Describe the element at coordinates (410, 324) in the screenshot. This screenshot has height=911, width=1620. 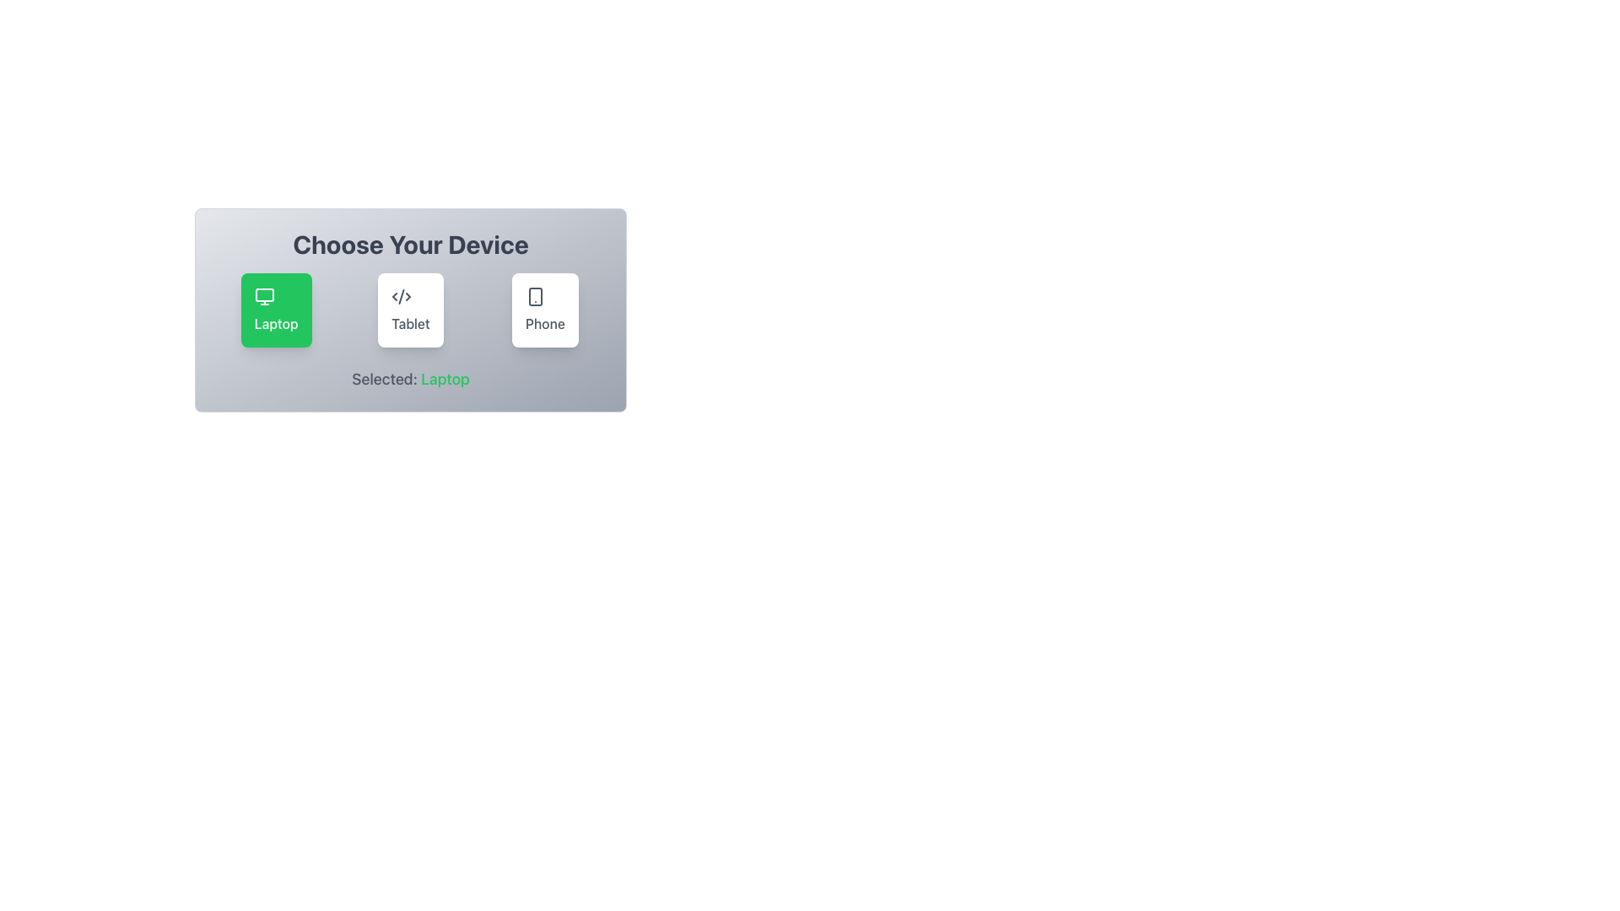
I see `the text label for the 'Tablet' option located beneath the SVG icon in the middle button of the selection menu` at that location.